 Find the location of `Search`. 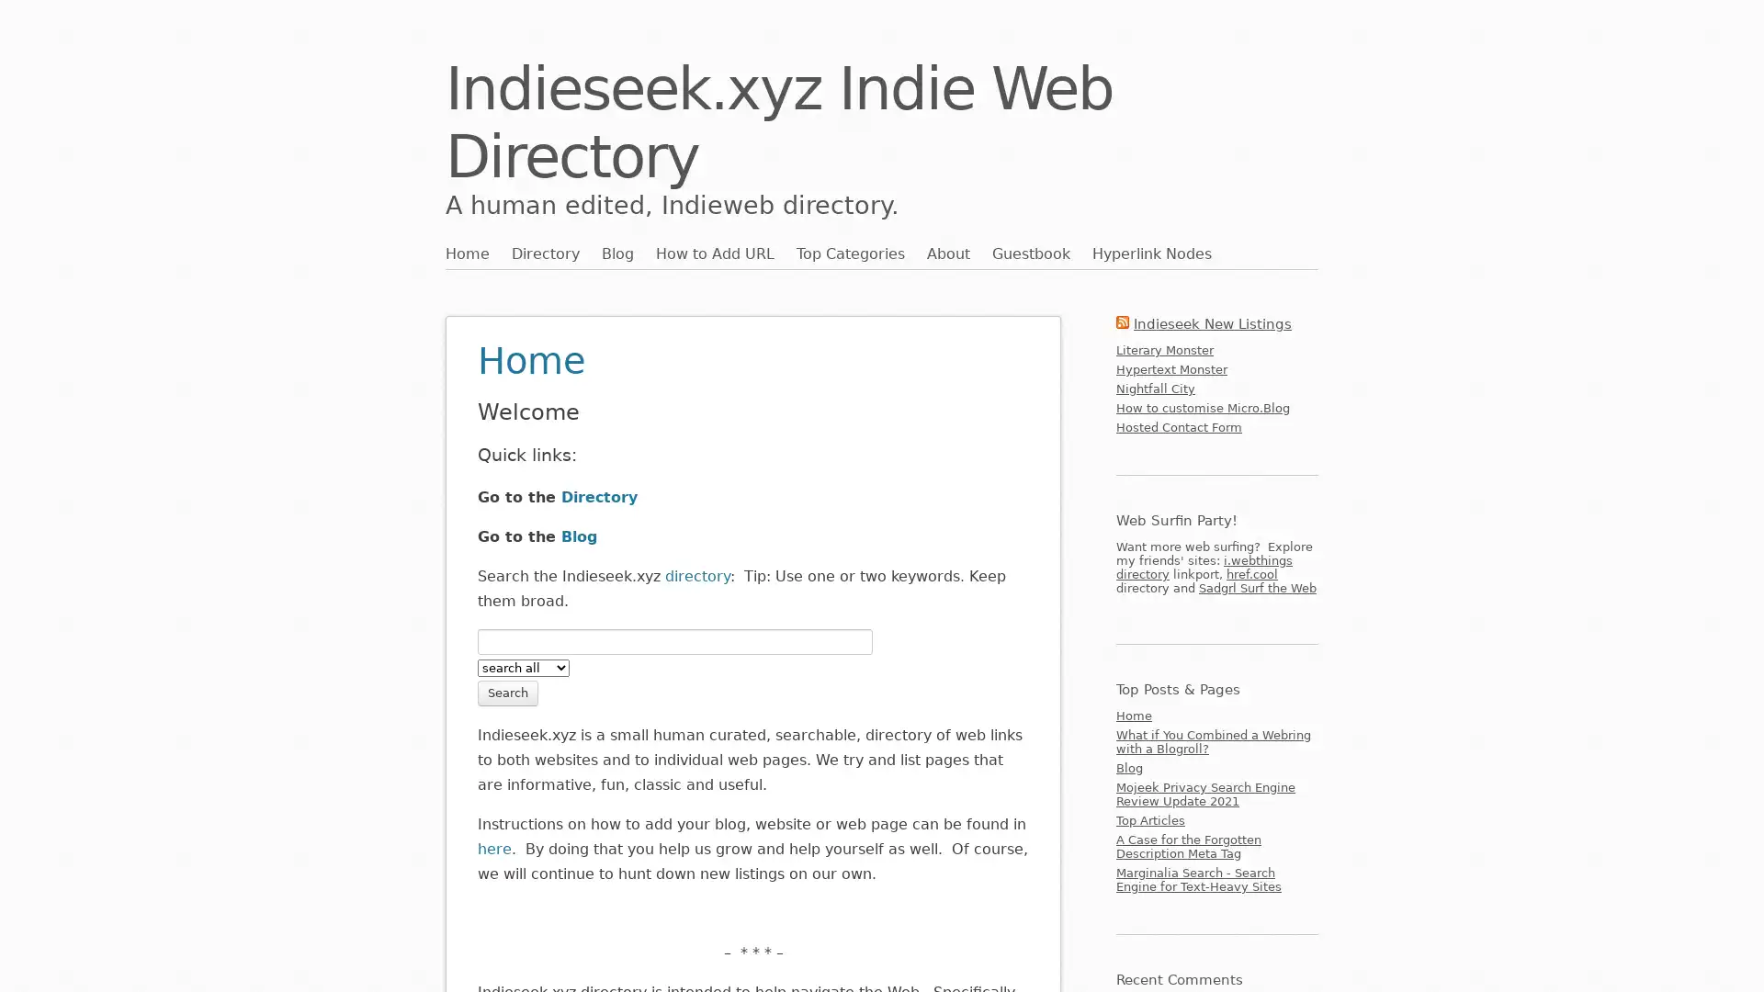

Search is located at coordinates (507, 692).